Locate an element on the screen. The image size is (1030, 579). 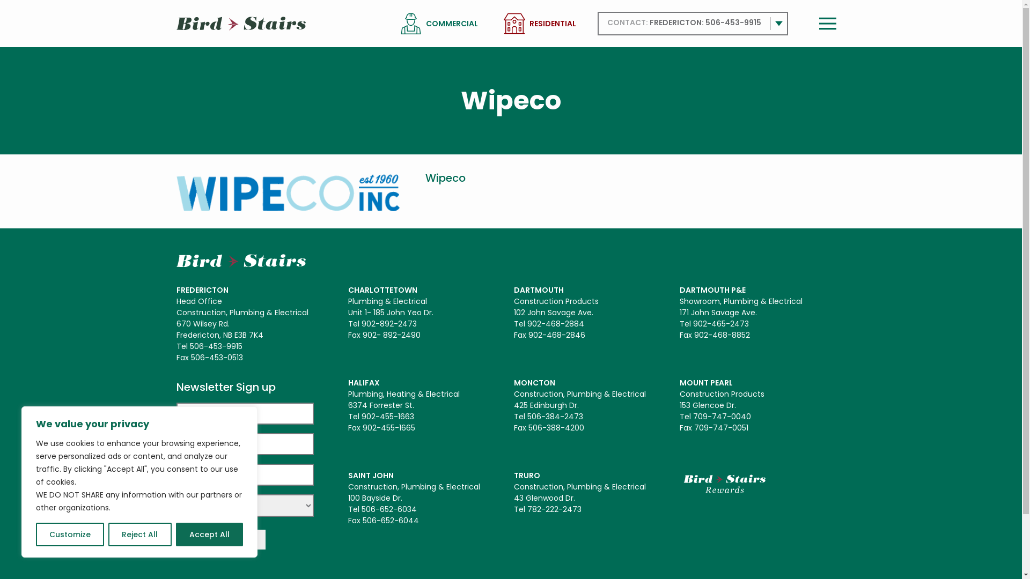
'MONCTON' is located at coordinates (513, 382).